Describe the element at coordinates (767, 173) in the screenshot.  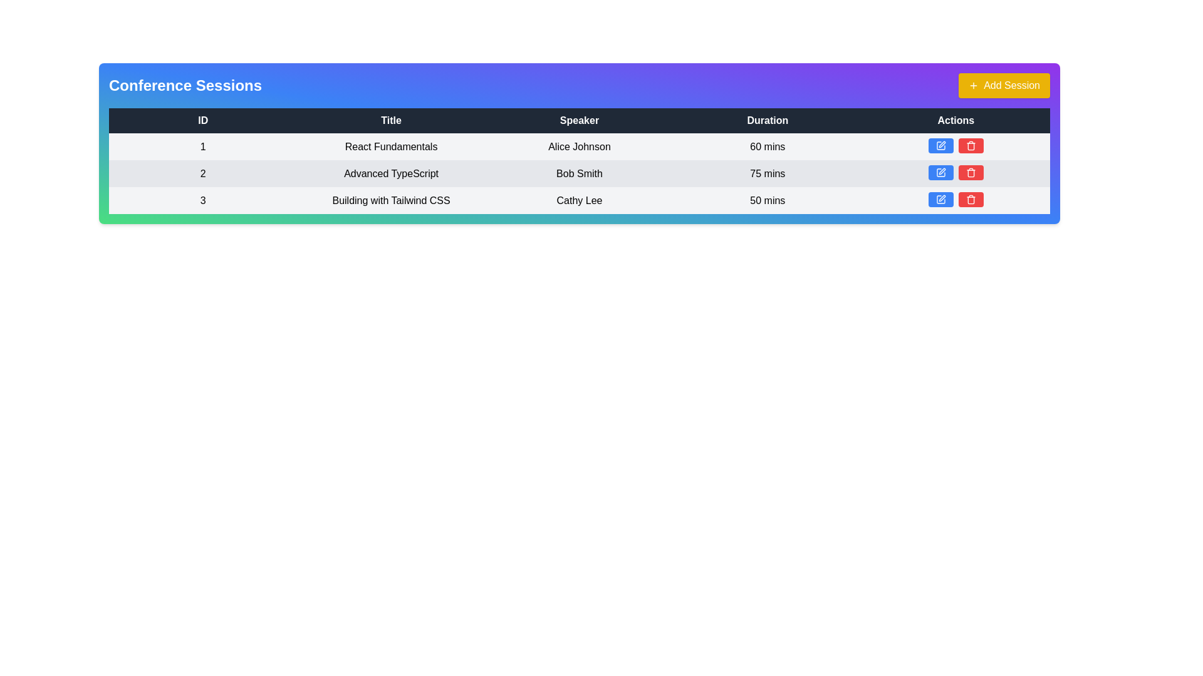
I see `the text label displaying '75 mins' located in the 'Duration' column of the table for the 'Advanced TypeScript' session` at that location.